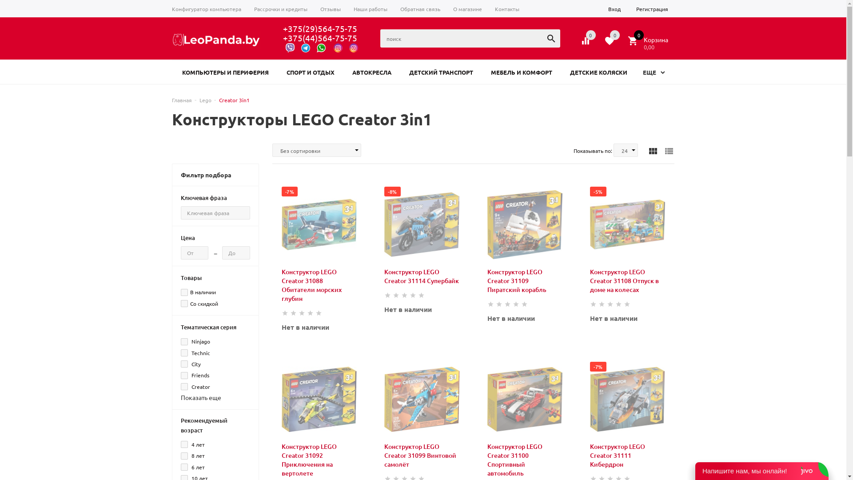  Describe the element at coordinates (349, 47) in the screenshot. I see `'@world_of_pc_'` at that location.